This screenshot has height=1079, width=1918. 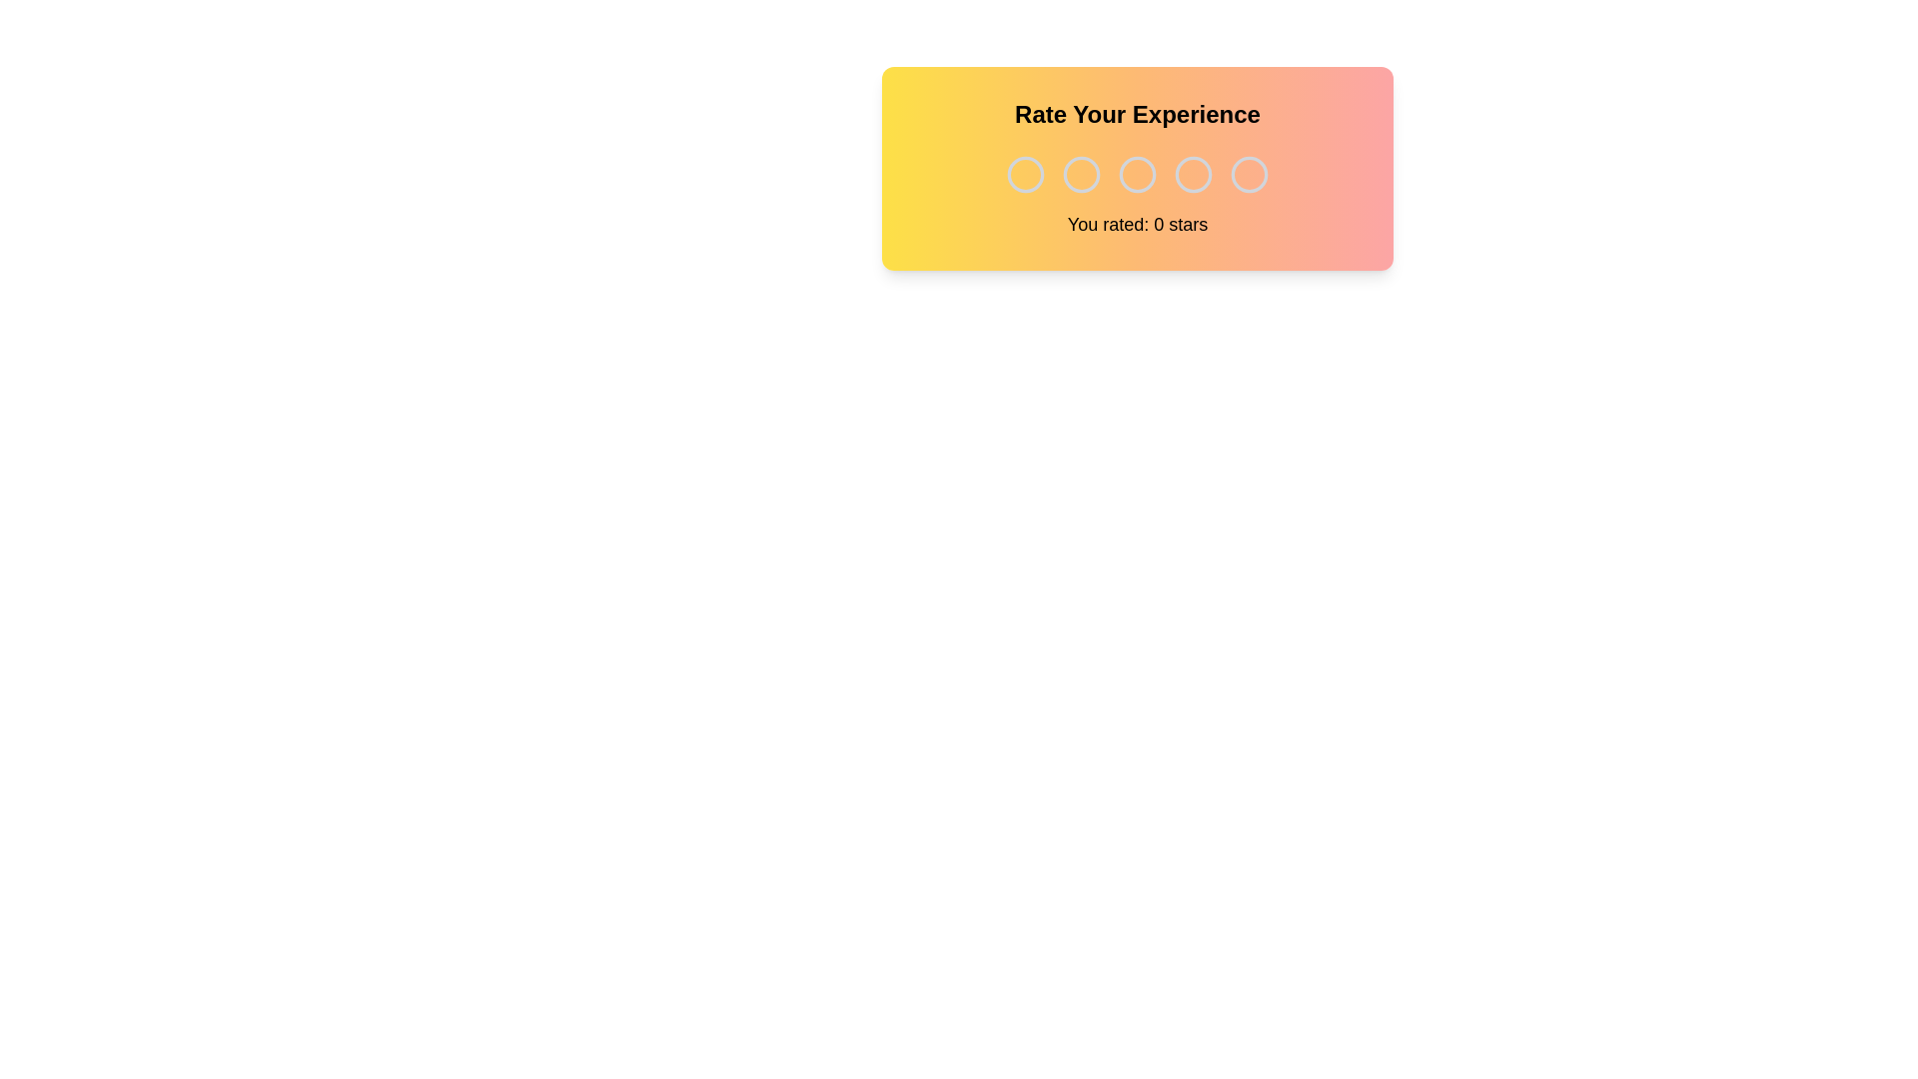 What do you see at coordinates (1194, 173) in the screenshot?
I see `the rating to 4 stars by clicking on the corresponding star` at bounding box center [1194, 173].